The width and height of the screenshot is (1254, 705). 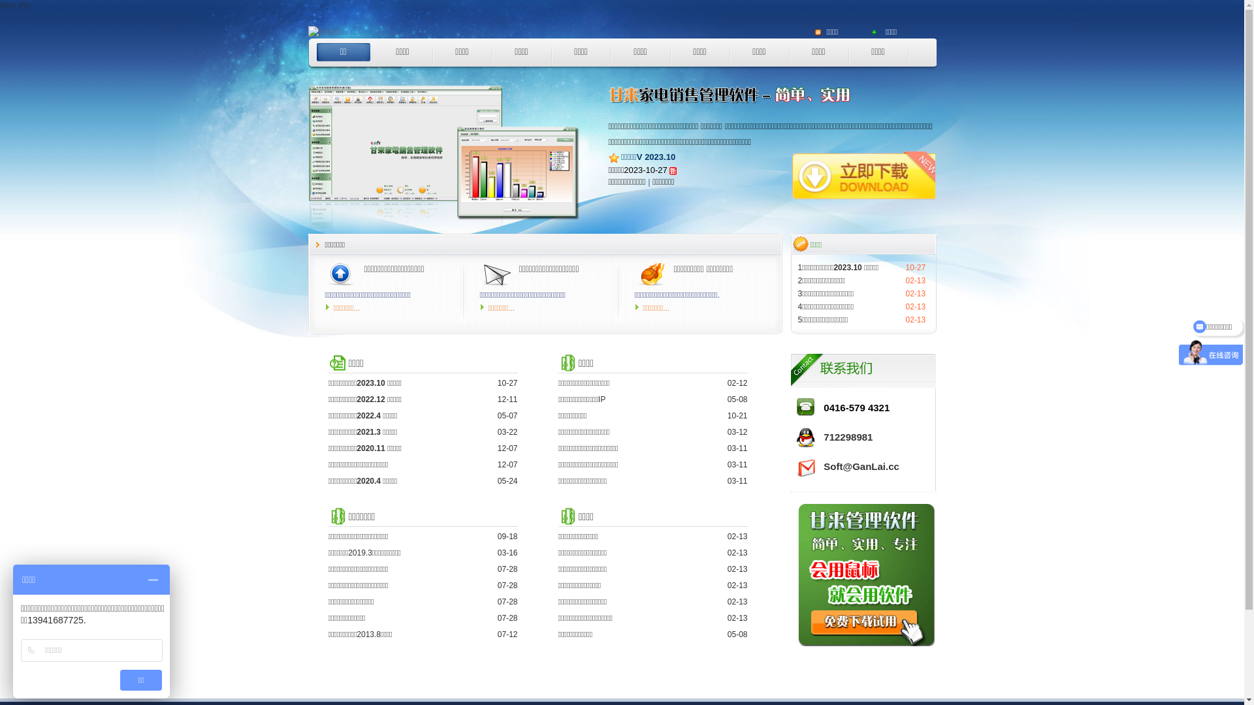 I want to click on '2023-10-27', so click(x=645, y=169).